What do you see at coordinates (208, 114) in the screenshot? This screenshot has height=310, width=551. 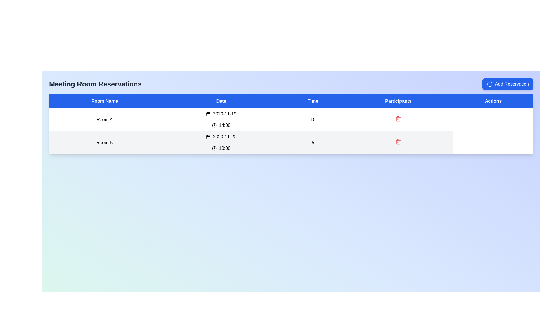 I see `the rectangular Icon component within the calendar icon, which represents the main body of the calendar` at bounding box center [208, 114].